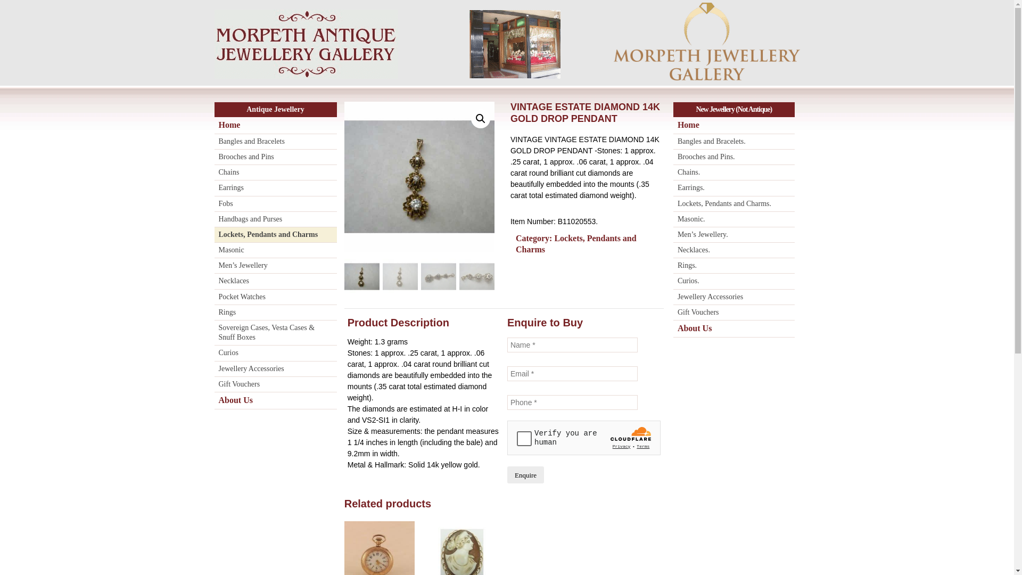  I want to click on 'Masonic.', so click(733, 219).